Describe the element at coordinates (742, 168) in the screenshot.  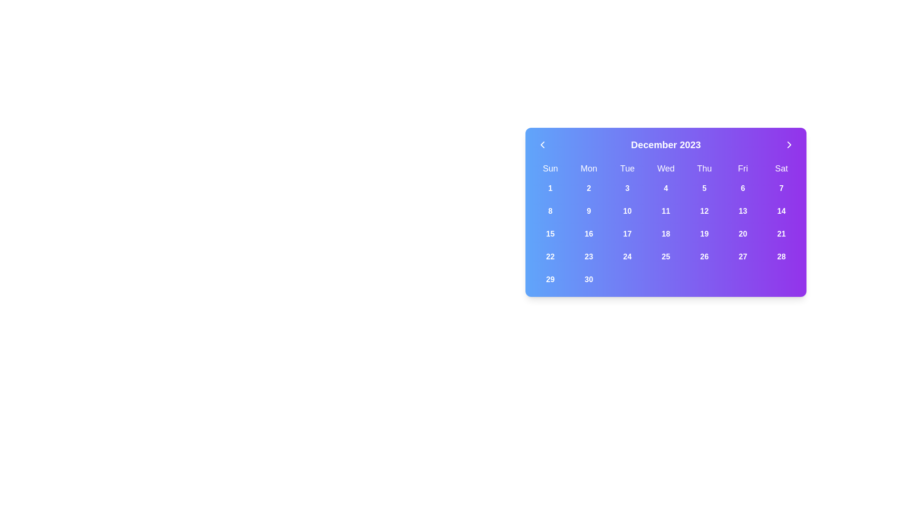
I see `the header text for the 'Friday' column in the calendar, which is located in the top row of the calendar component` at that location.